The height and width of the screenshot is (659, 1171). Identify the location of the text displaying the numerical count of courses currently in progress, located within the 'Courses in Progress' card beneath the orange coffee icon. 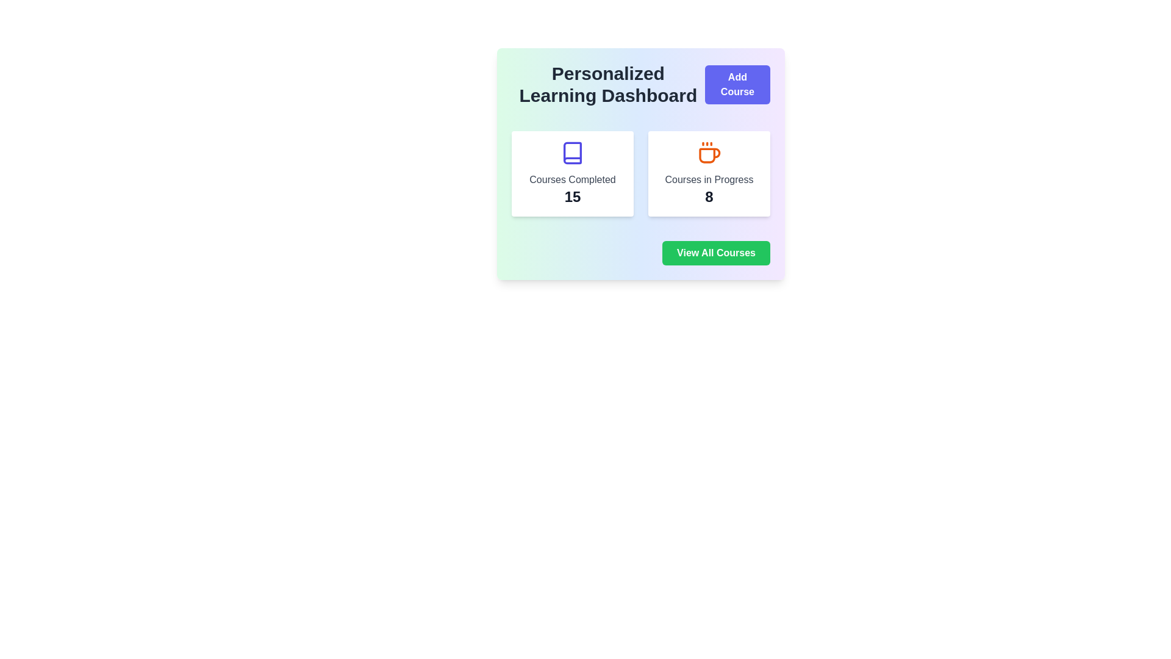
(709, 196).